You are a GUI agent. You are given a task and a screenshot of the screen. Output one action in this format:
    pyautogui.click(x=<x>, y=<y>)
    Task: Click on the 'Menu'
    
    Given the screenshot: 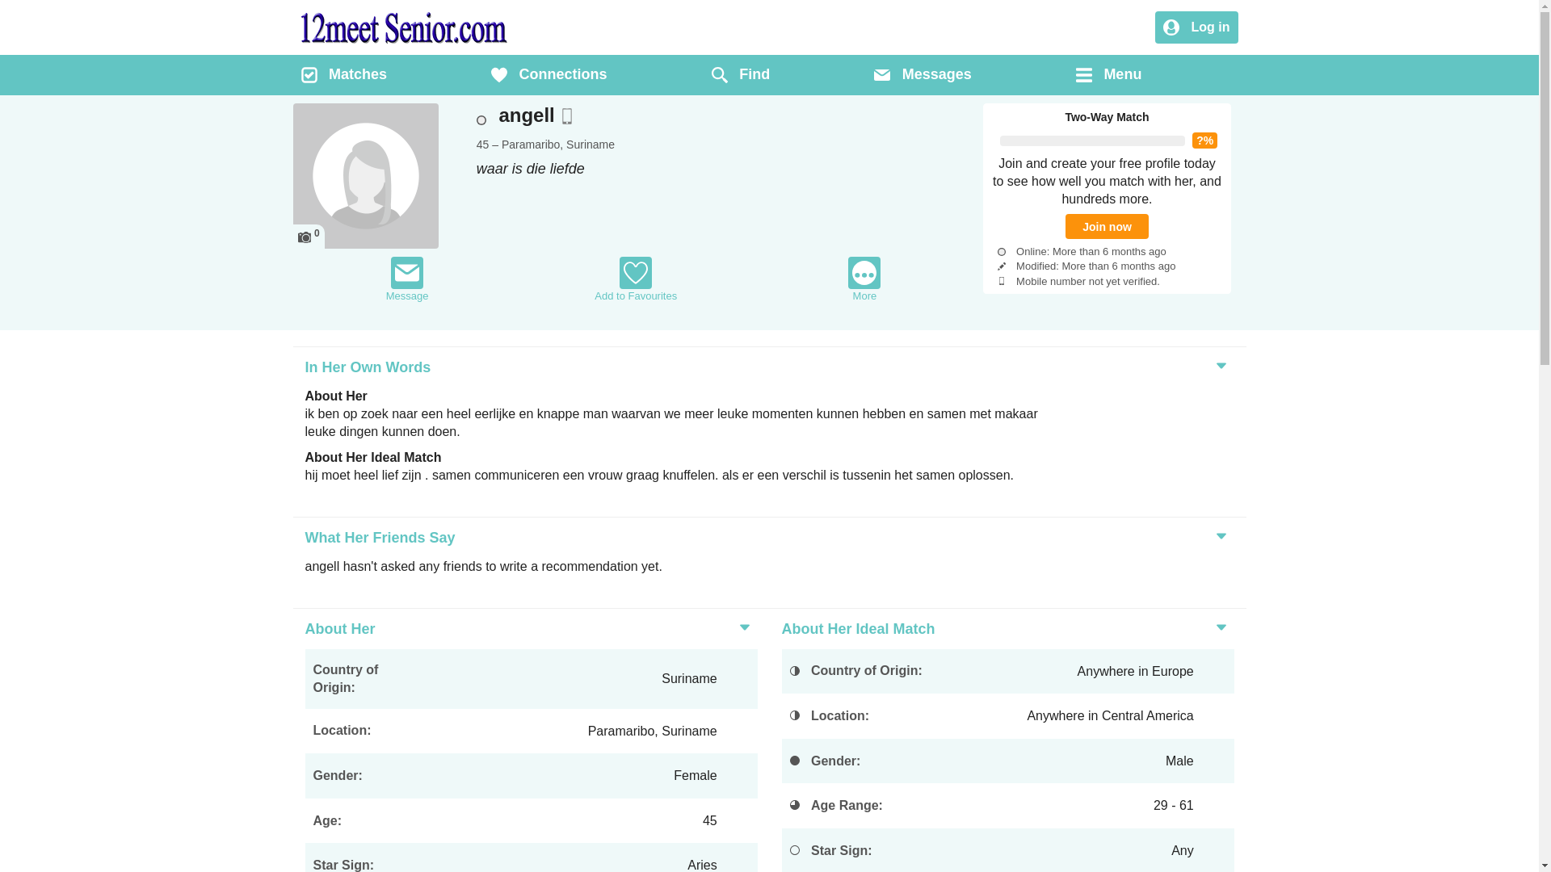 What is the action you would take?
    pyautogui.click(x=1075, y=74)
    